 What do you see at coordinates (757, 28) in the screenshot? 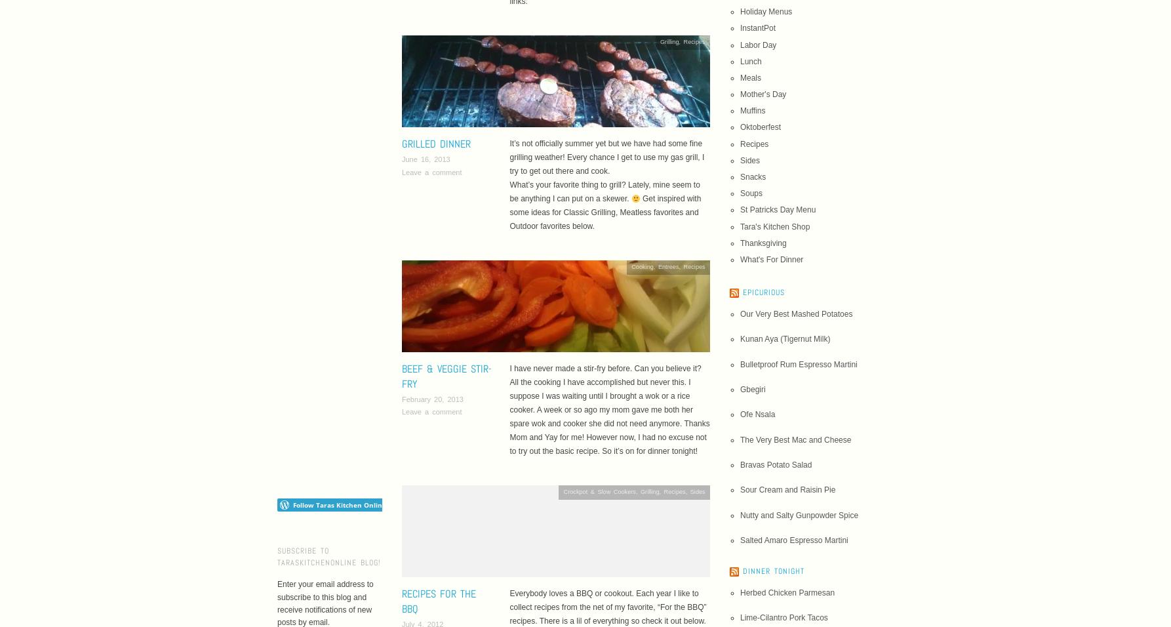
I see `'InstantPot'` at bounding box center [757, 28].